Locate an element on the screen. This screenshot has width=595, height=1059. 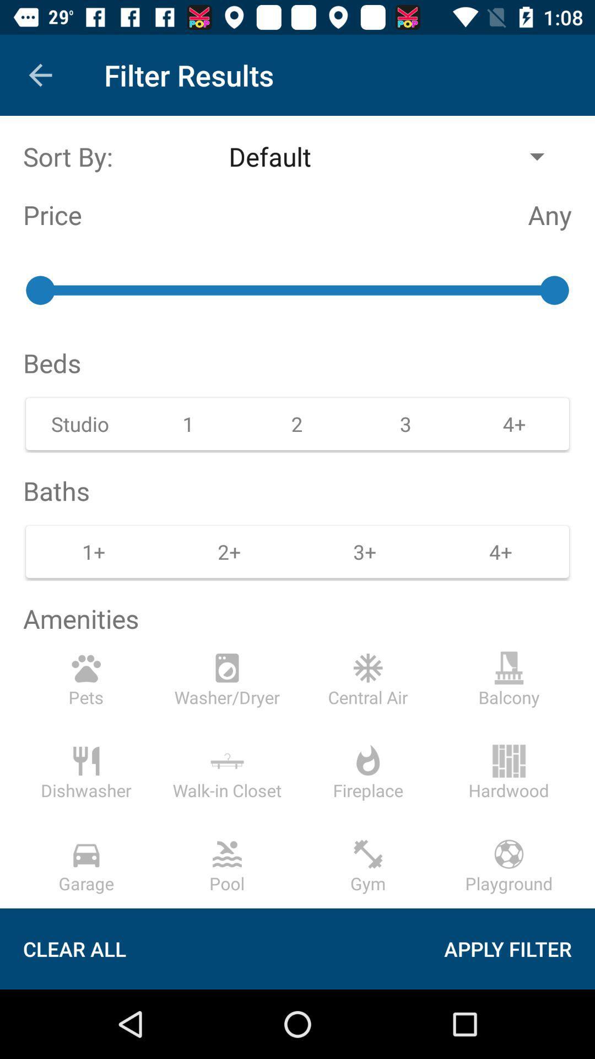
the number which is next to 3 is located at coordinates (515, 423).